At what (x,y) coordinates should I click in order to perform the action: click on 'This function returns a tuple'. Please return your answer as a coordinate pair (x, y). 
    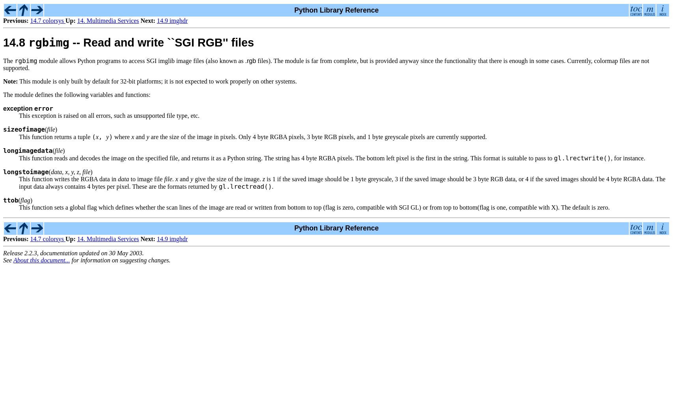
    Looking at the image, I should click on (55, 136).